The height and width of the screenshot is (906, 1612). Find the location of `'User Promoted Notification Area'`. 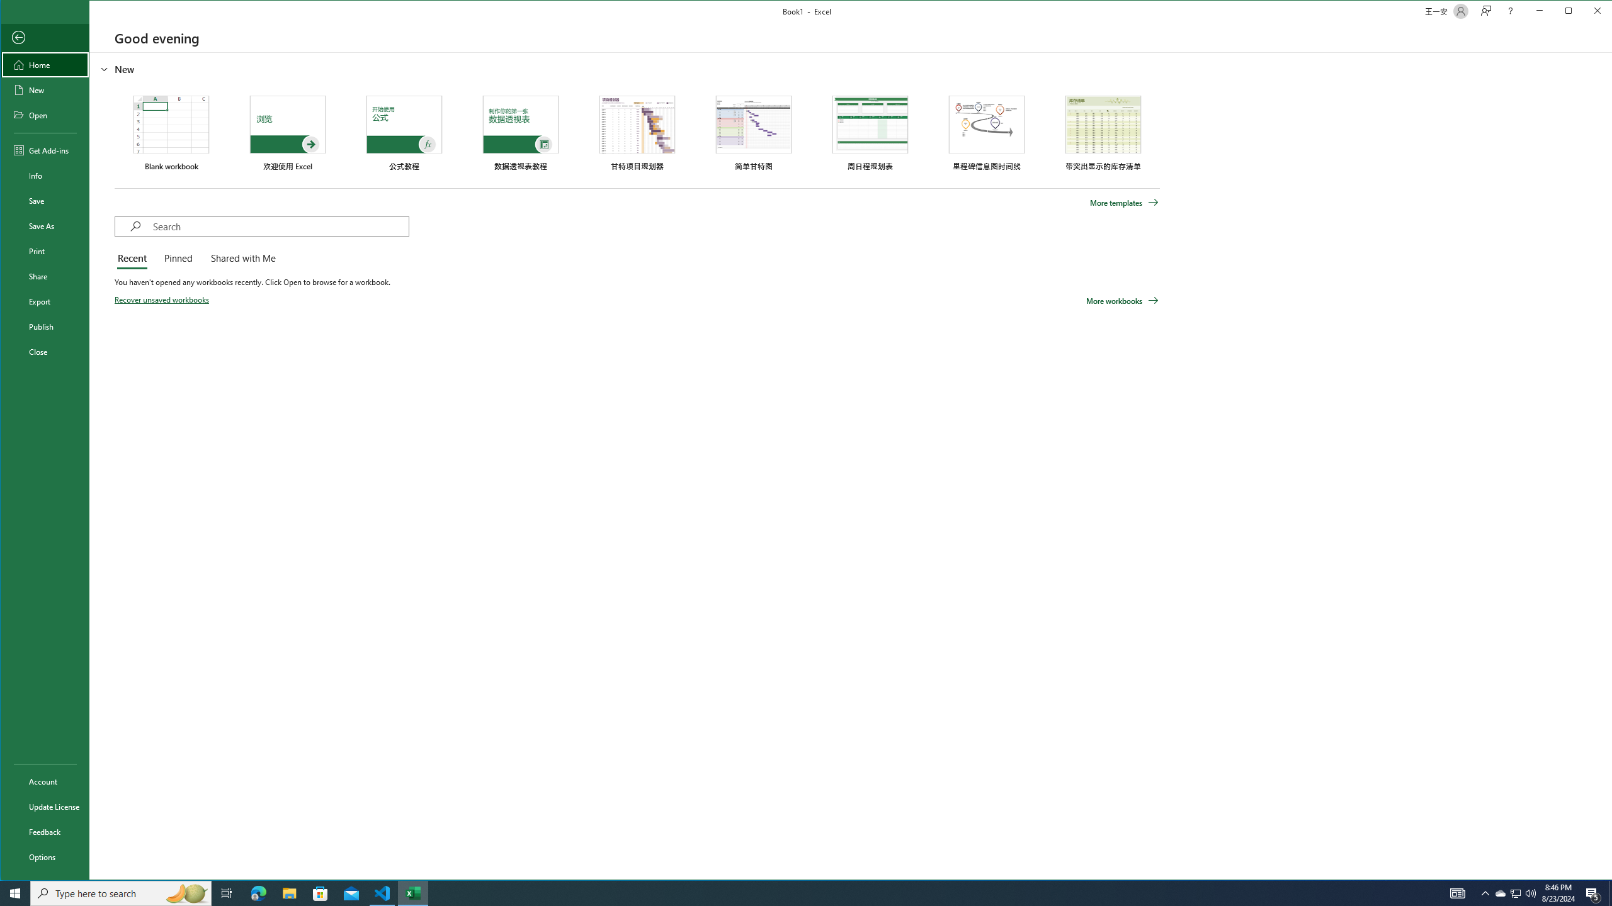

'User Promoted Notification Area' is located at coordinates (1514, 892).